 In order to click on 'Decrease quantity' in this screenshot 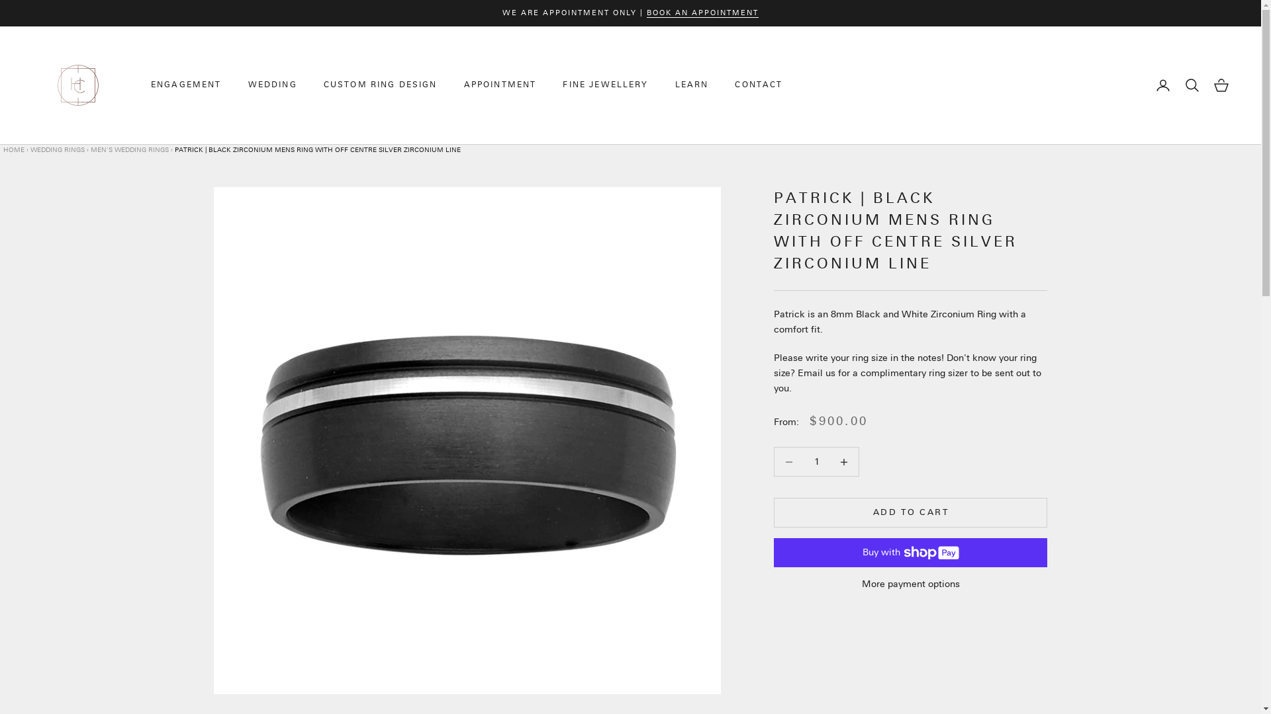, I will do `click(829, 461)`.